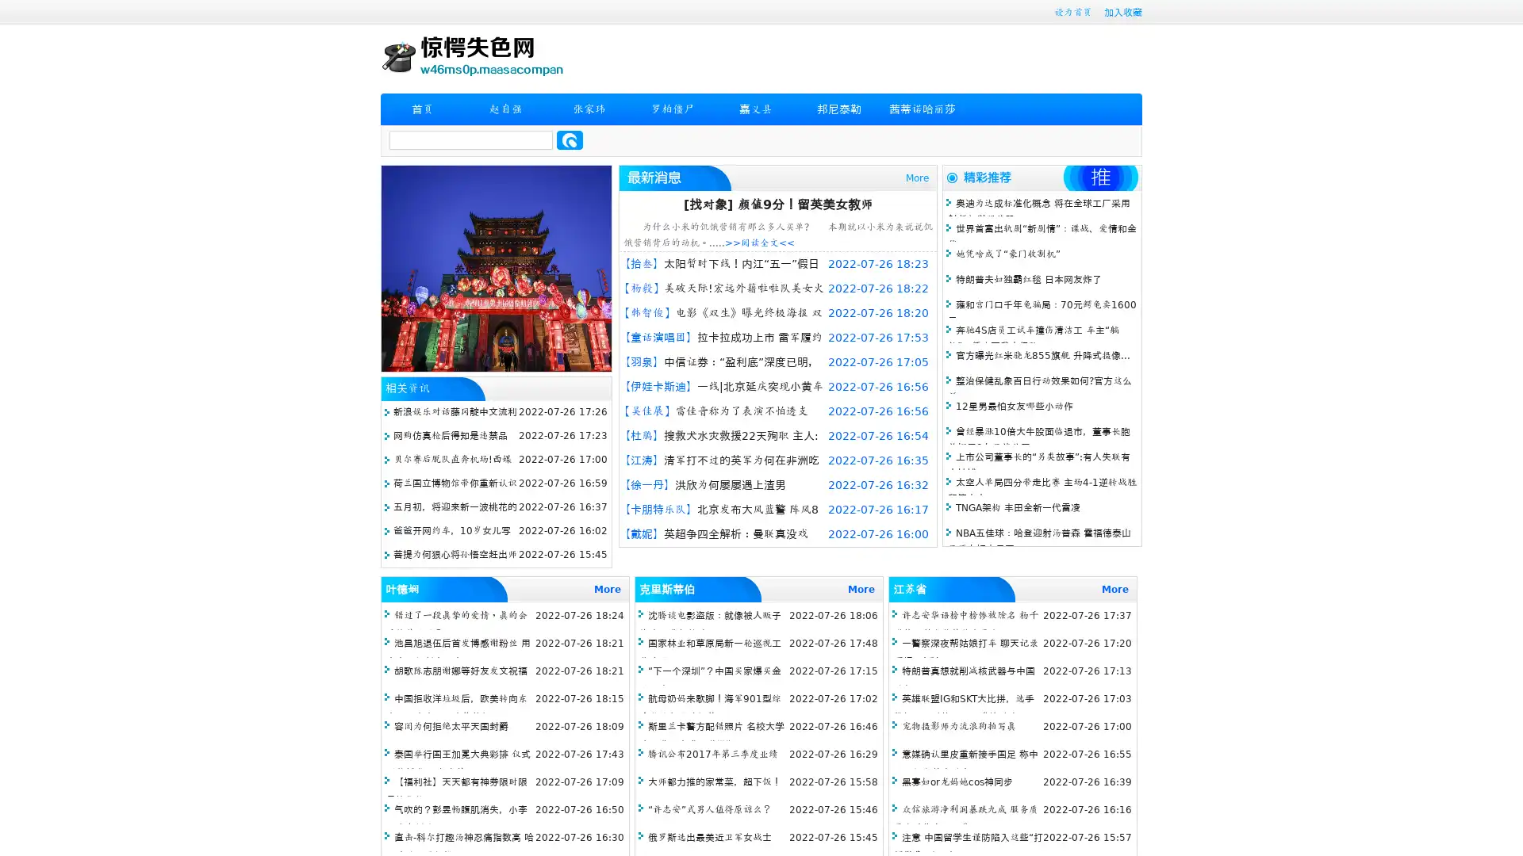  I want to click on Search, so click(570, 139).